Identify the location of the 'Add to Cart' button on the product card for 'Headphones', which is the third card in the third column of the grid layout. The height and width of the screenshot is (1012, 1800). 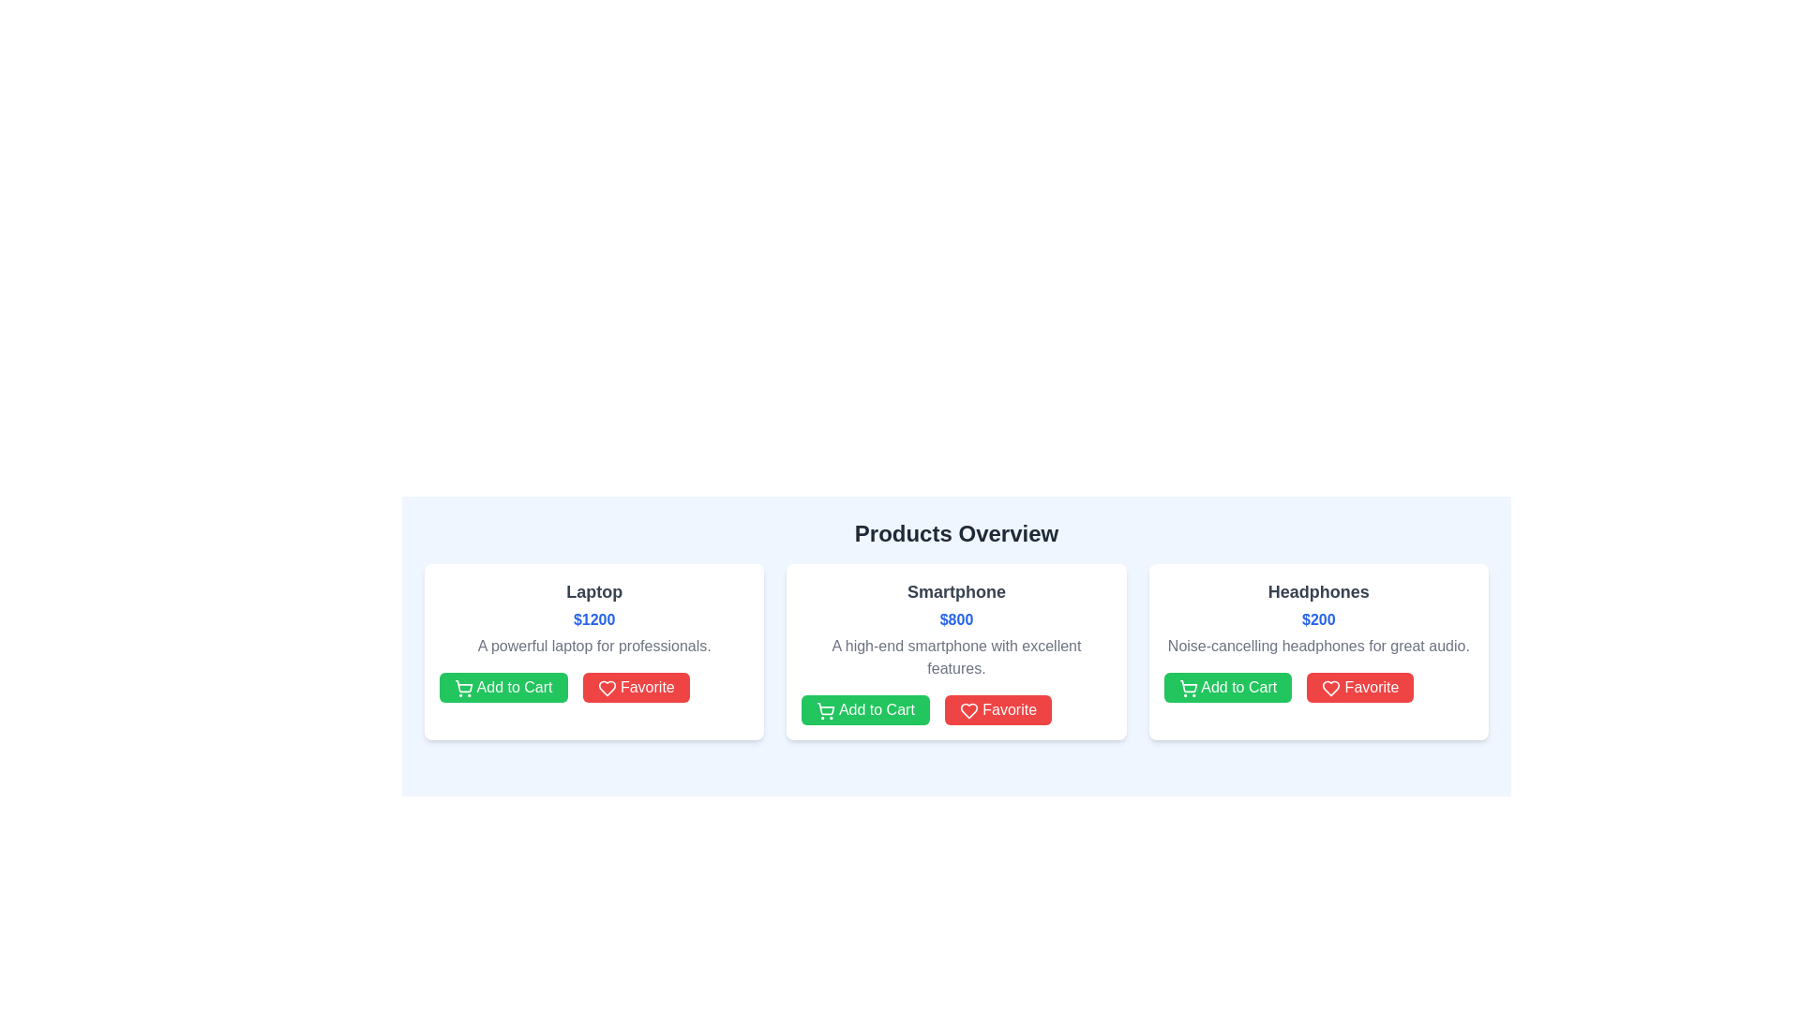
(1317, 650).